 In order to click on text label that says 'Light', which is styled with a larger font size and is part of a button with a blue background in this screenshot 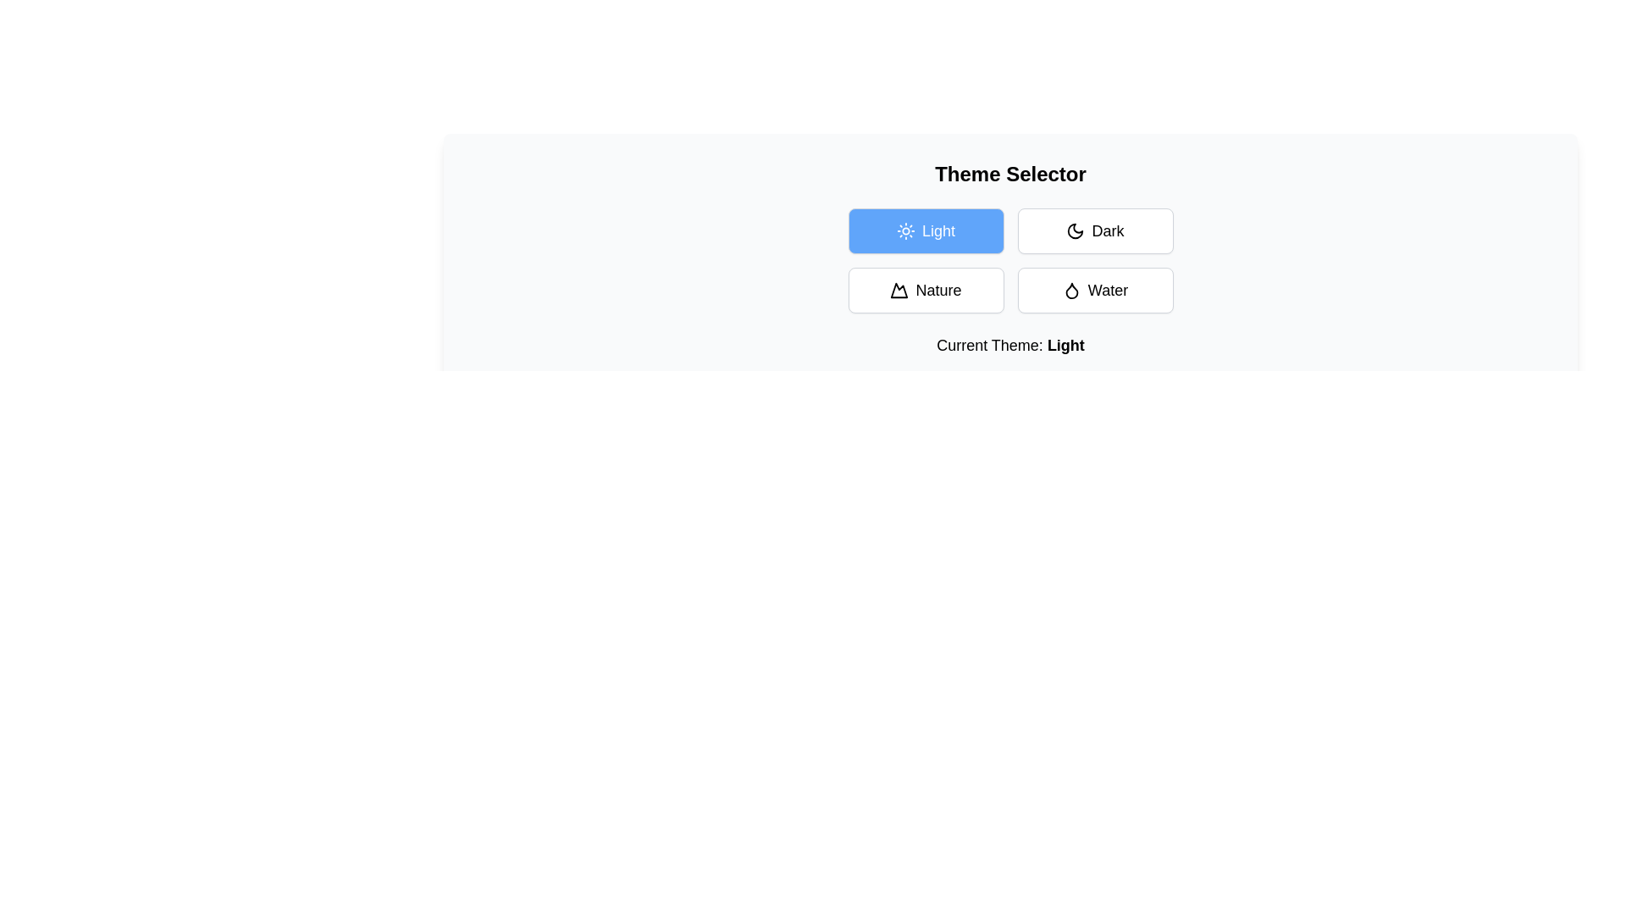, I will do `click(937, 231)`.